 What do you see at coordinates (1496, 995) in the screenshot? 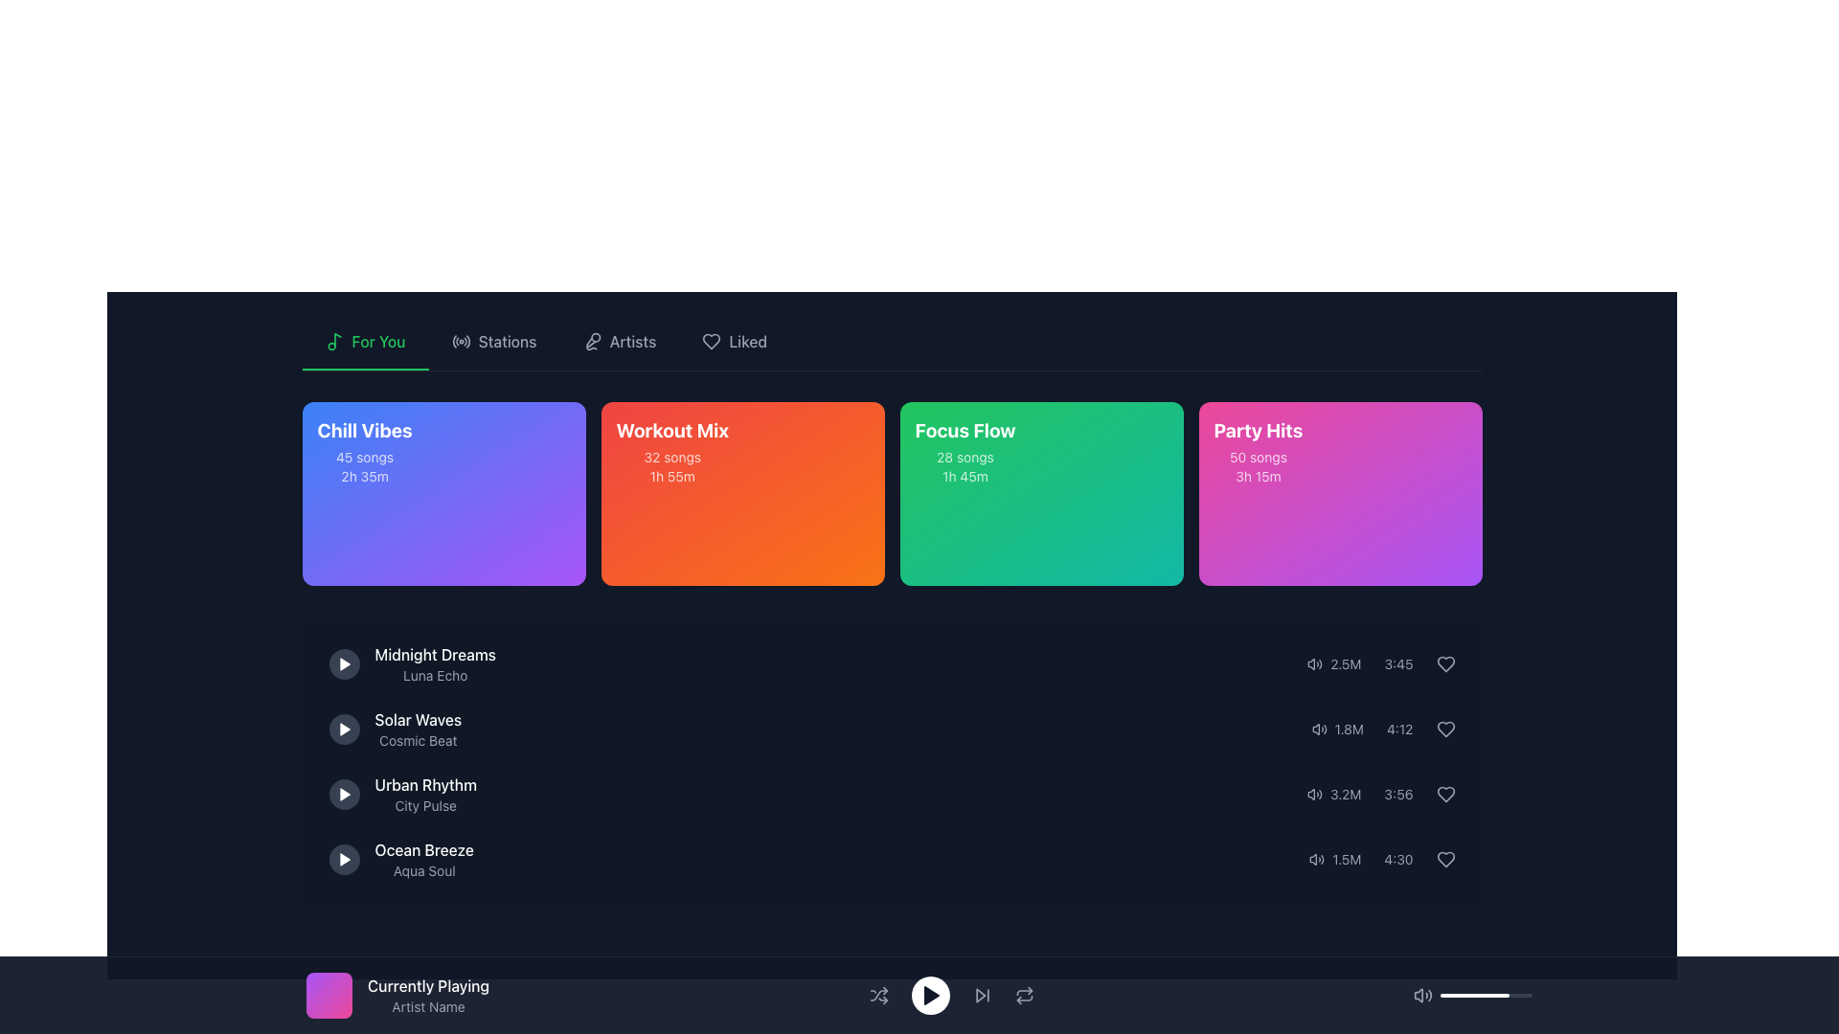
I see `the slider` at bounding box center [1496, 995].